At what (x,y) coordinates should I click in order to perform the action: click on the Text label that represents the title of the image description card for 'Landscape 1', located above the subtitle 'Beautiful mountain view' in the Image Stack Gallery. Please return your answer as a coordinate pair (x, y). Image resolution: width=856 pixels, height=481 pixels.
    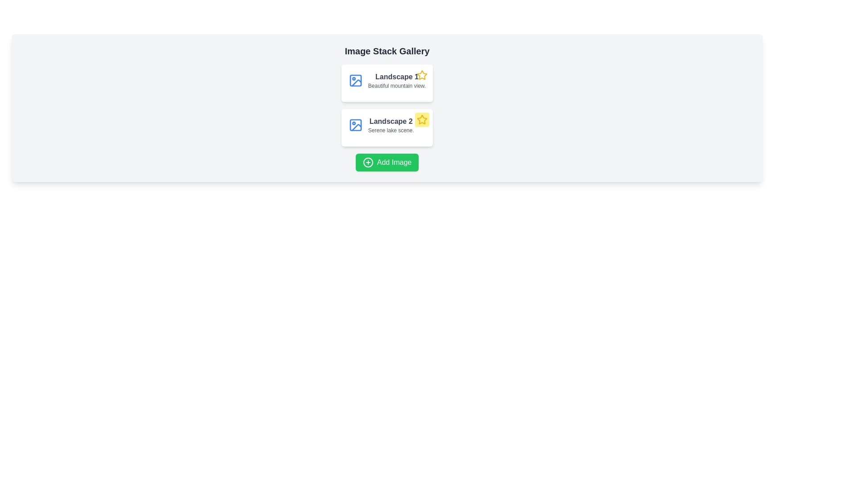
    Looking at the image, I should click on (396, 77).